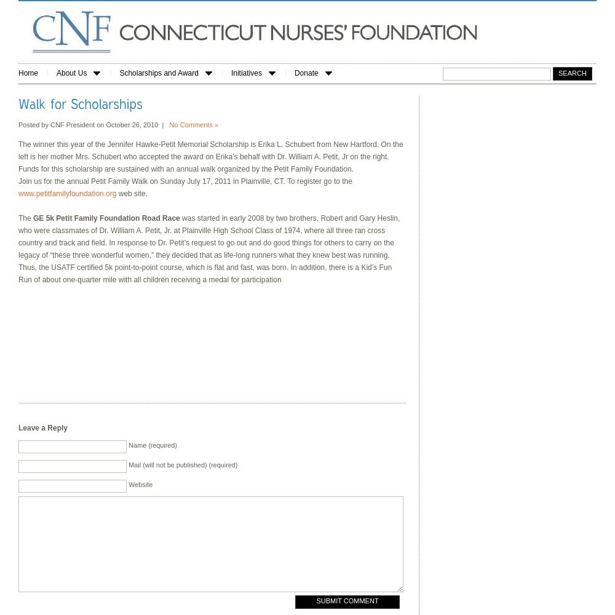 The height and width of the screenshot is (615, 615). What do you see at coordinates (42, 427) in the screenshot?
I see `'Leave a Reply'` at bounding box center [42, 427].